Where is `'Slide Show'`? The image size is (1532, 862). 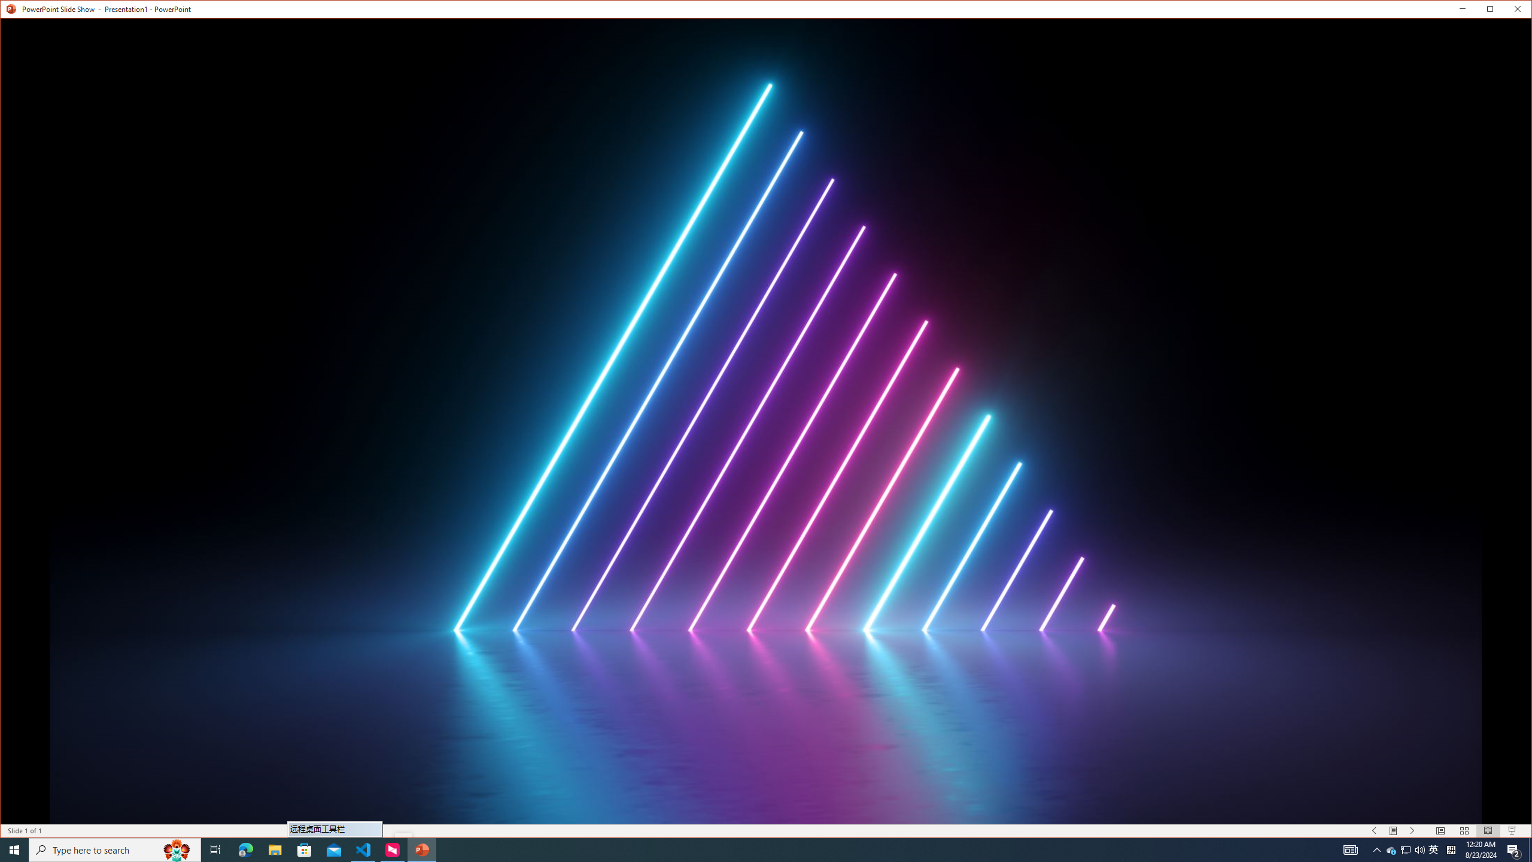
'Slide Show' is located at coordinates (1512, 830).